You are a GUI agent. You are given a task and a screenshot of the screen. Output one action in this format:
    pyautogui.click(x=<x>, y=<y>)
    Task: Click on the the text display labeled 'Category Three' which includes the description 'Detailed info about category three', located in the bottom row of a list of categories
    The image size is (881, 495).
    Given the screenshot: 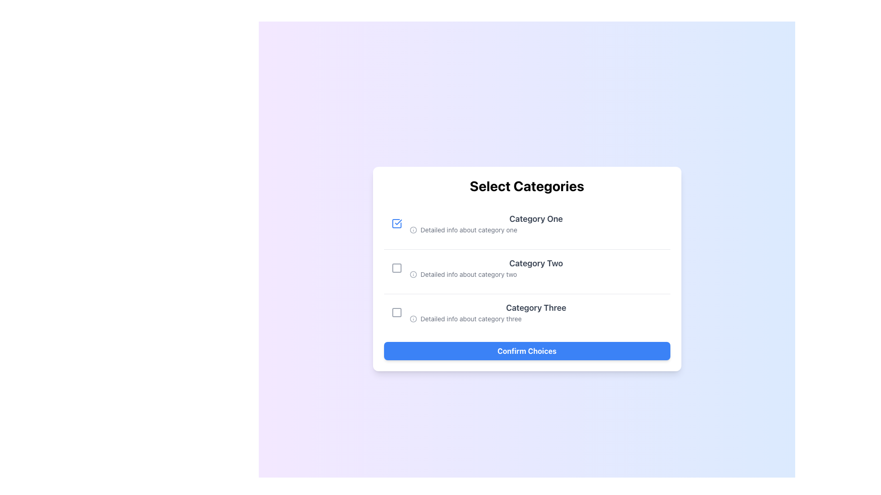 What is the action you would take?
    pyautogui.click(x=536, y=312)
    